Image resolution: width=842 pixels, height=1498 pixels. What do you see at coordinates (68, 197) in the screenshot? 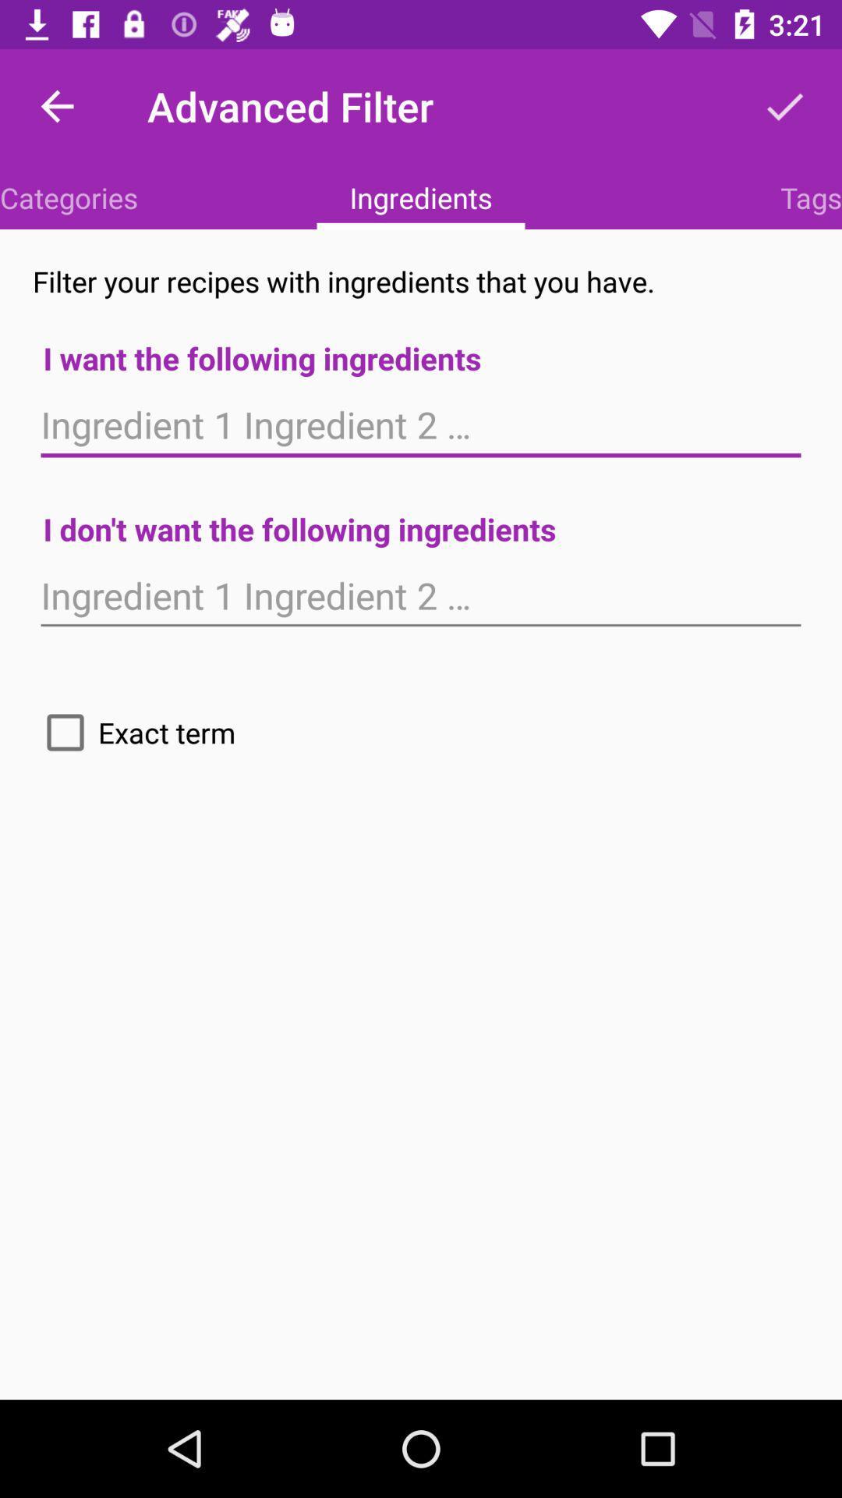
I see `icon to the left of the ingredients icon` at bounding box center [68, 197].